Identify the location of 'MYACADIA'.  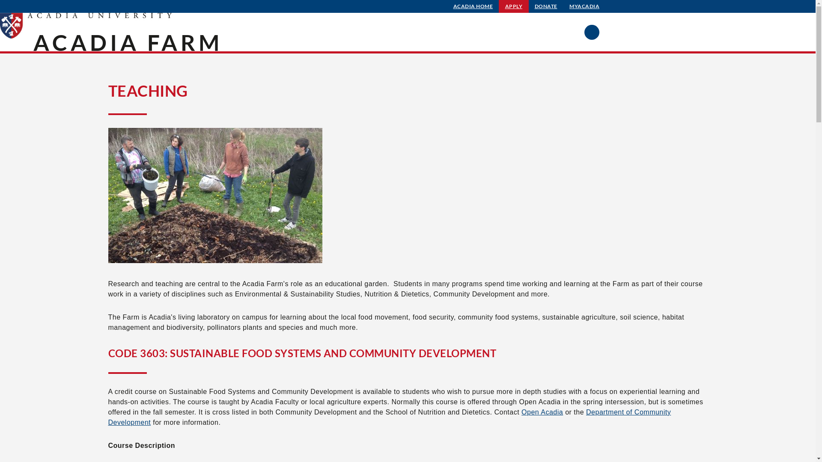
(584, 6).